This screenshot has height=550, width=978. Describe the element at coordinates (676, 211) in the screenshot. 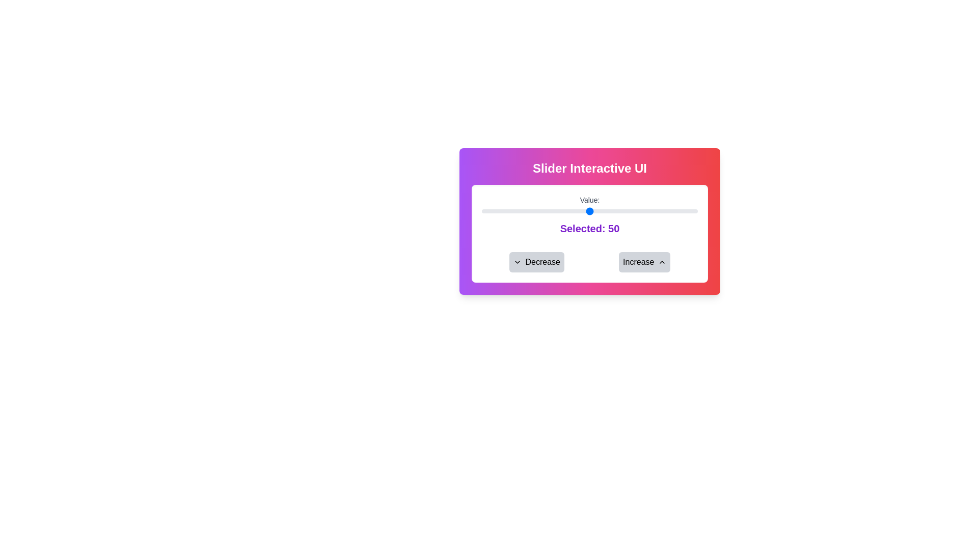

I see `slider value` at that location.